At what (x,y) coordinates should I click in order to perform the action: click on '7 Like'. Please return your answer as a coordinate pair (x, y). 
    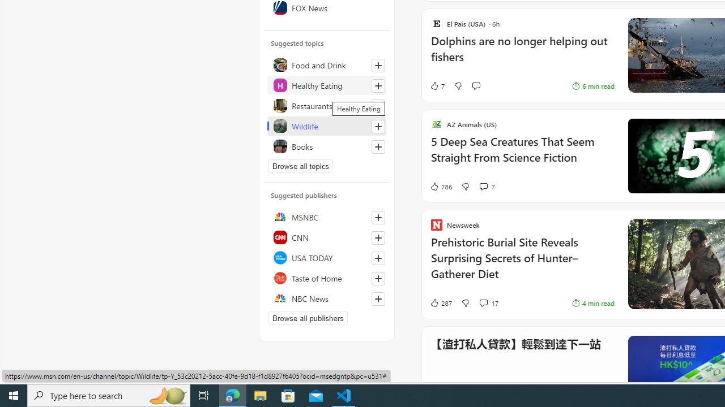
    Looking at the image, I should click on (436, 85).